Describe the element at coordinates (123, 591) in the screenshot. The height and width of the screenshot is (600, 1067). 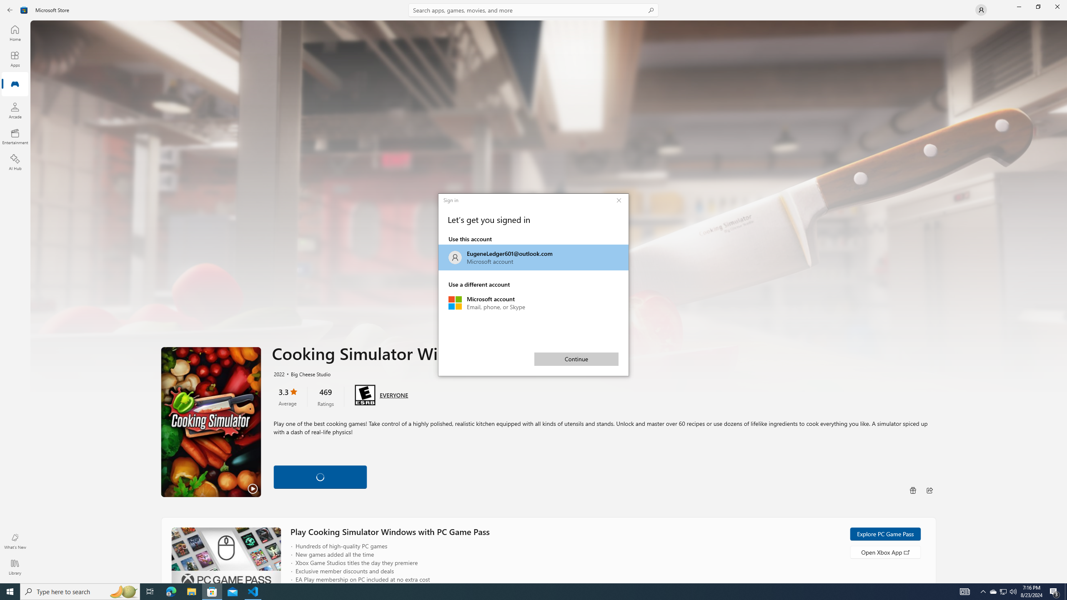
I see `'Search highlights icon opens search home window'` at that location.